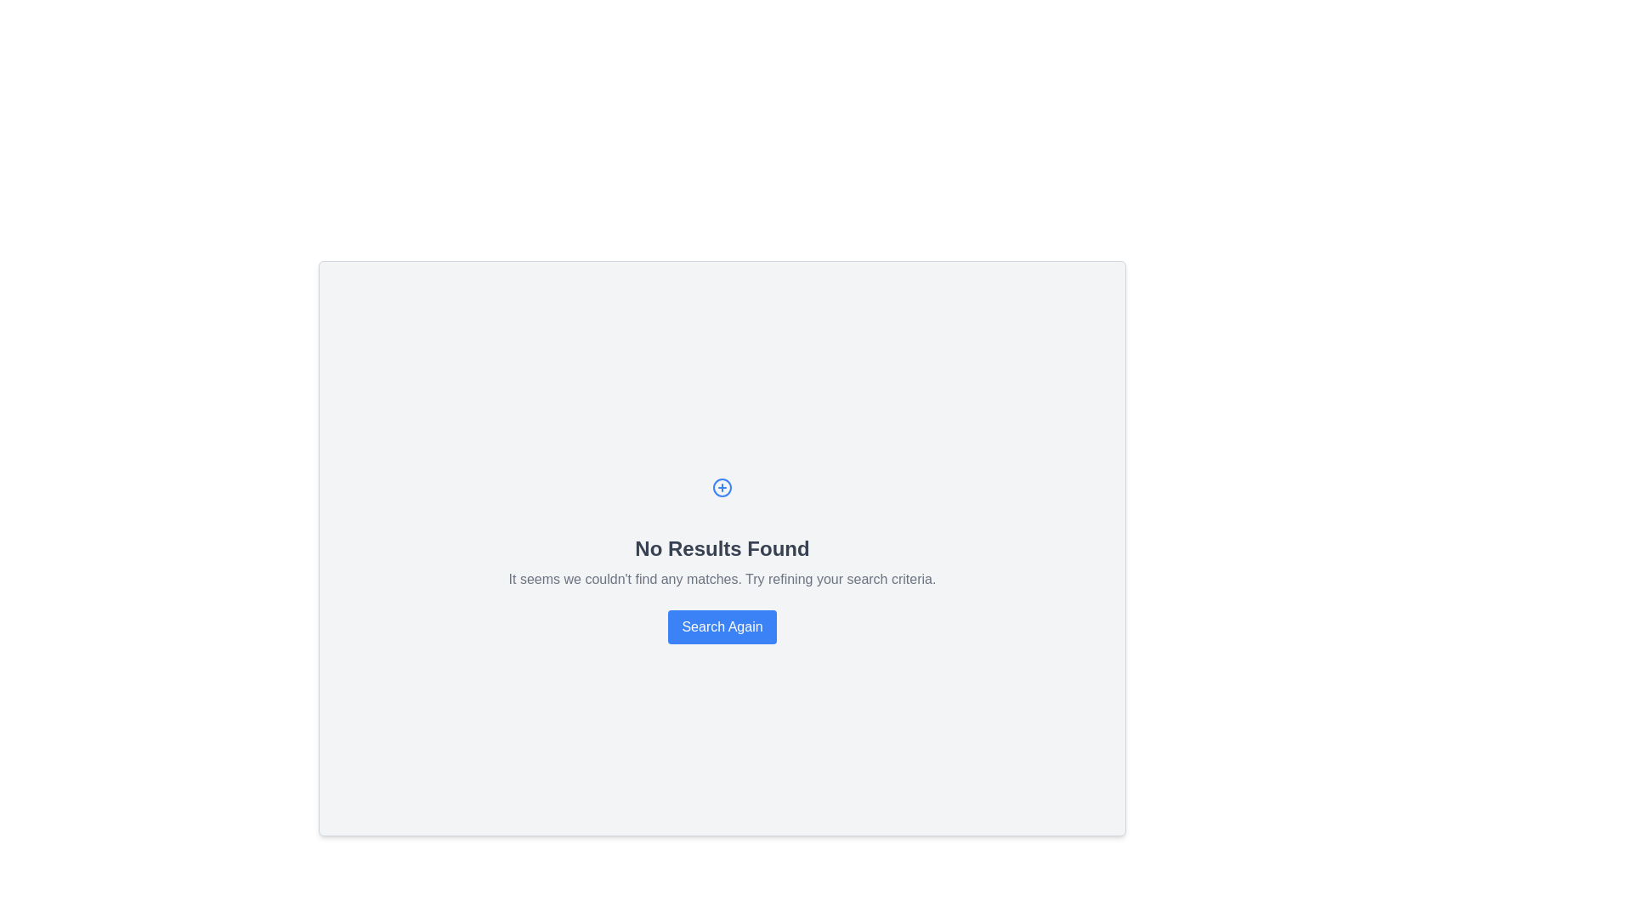 This screenshot has width=1632, height=918. I want to click on the addition or creation icon that is centrally aligned above the 'No Results Found' notification text in the gray panel, so click(722, 487).